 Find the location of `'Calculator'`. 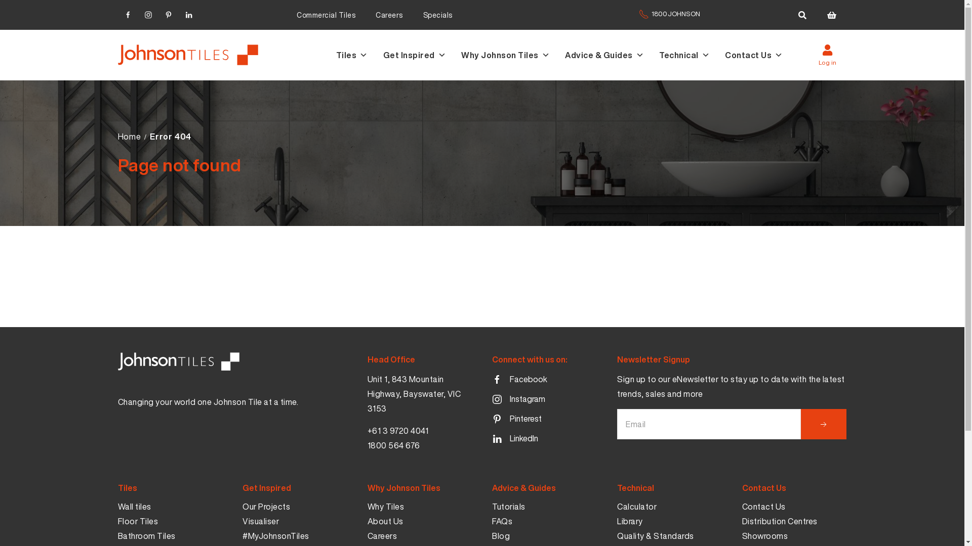

'Calculator' is located at coordinates (636, 507).